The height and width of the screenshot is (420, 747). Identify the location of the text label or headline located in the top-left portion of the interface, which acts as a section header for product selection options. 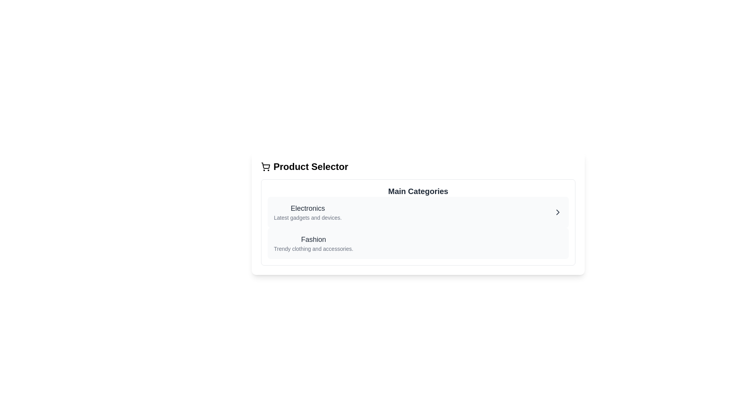
(310, 166).